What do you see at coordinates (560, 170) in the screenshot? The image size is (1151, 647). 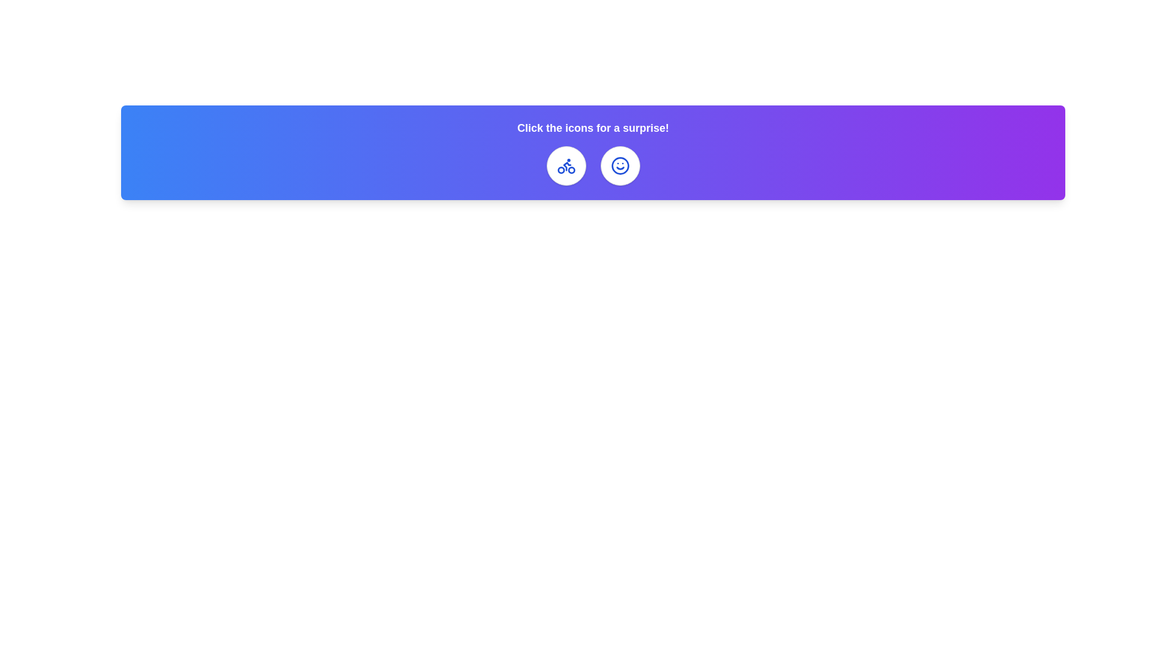 I see `the small blue circular graphic element, which is the left wheel of the bicycle icon, located near the bottom-left of the icon` at bounding box center [560, 170].